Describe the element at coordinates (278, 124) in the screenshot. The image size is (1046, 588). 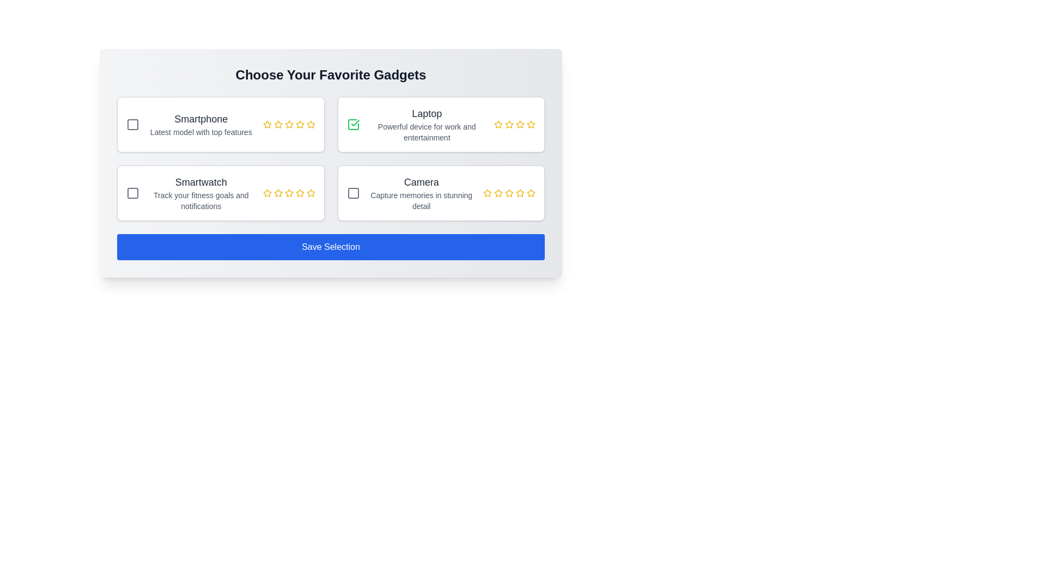
I see `the second star icon in the rating component for the Smartphone option to assign a rating` at that location.